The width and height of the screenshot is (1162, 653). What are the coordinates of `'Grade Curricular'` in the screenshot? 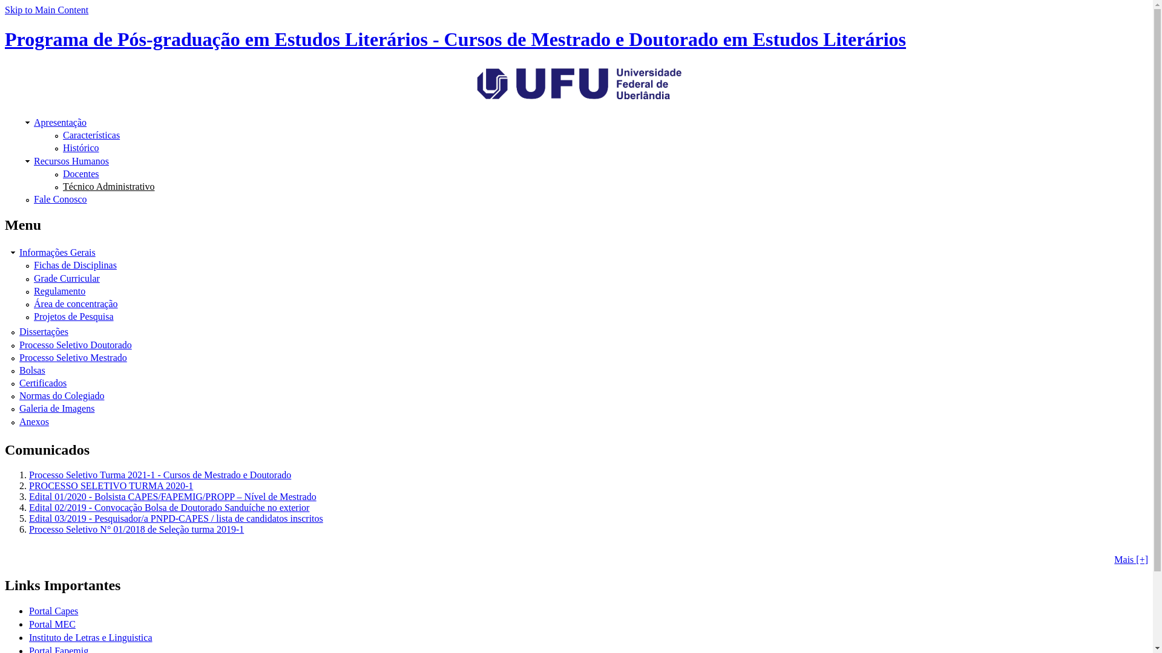 It's located at (66, 278).